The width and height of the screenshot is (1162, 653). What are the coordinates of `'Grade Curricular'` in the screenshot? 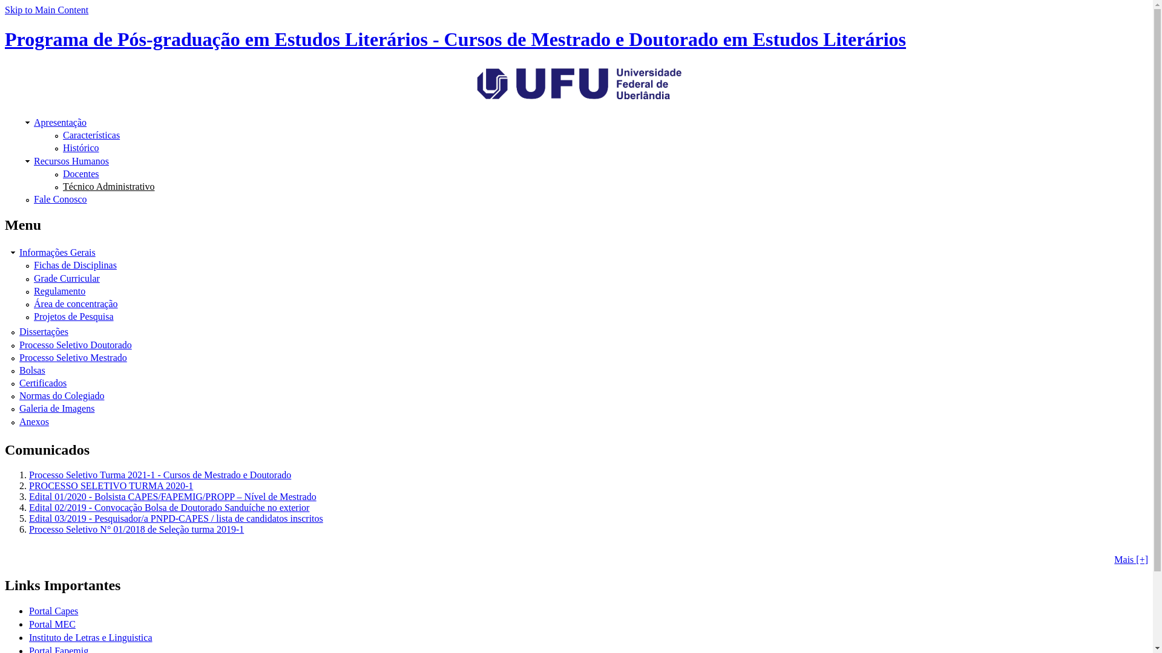 It's located at (66, 278).